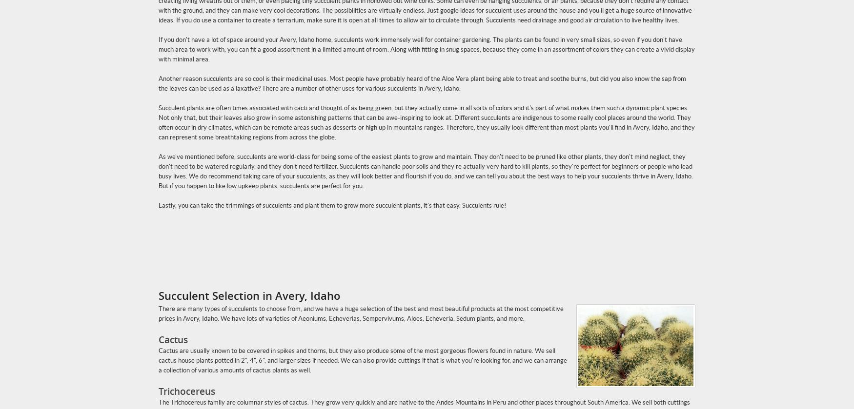 The height and width of the screenshot is (409, 854). Describe the element at coordinates (331, 205) in the screenshot. I see `'Lastly, you can take the trimmings of succulents and plant them to grow more succulent plants, it's that easy. Succulents rule!'` at that location.